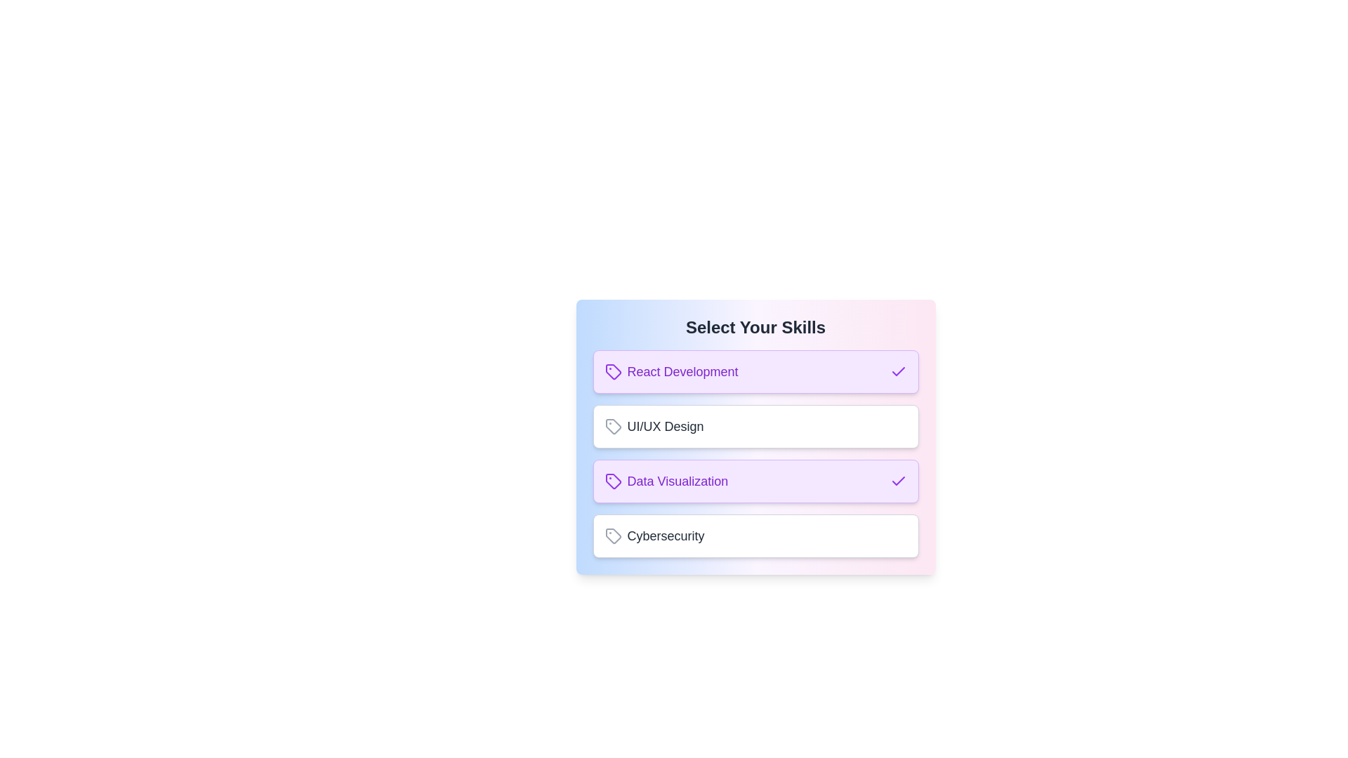  Describe the element at coordinates (755, 426) in the screenshot. I see `the skill UI/UX Design to observe visual feedback` at that location.